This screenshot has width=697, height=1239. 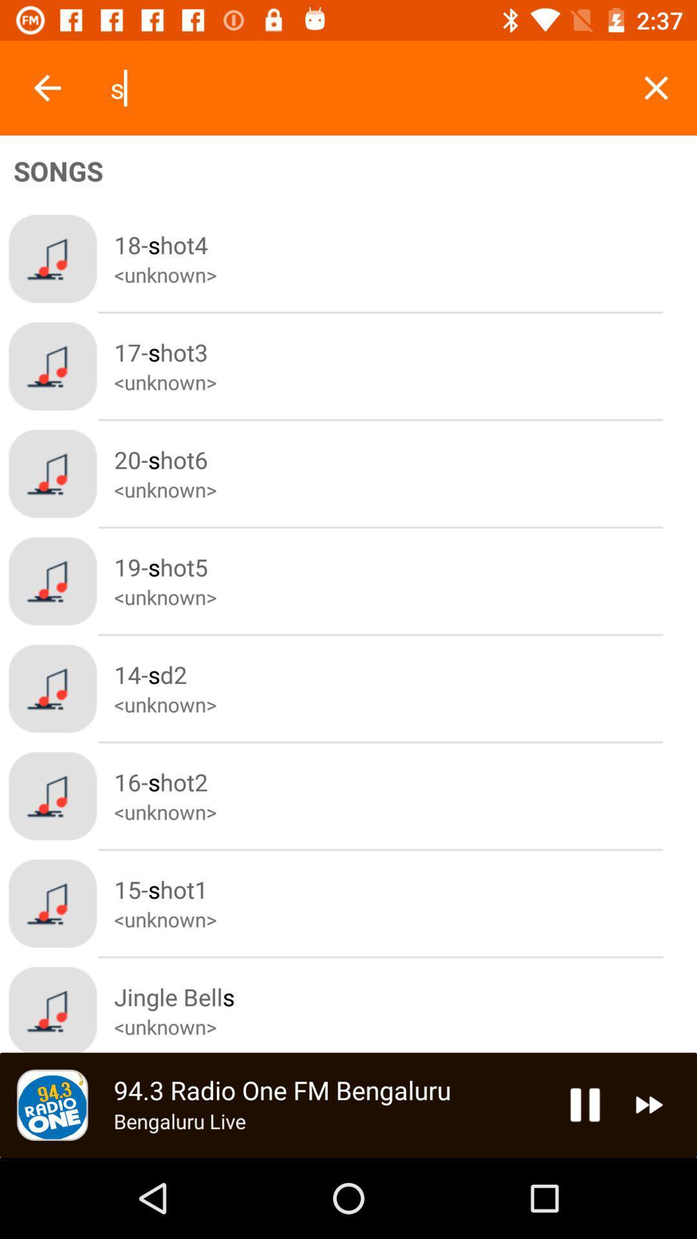 What do you see at coordinates (46, 87) in the screenshot?
I see `go back` at bounding box center [46, 87].